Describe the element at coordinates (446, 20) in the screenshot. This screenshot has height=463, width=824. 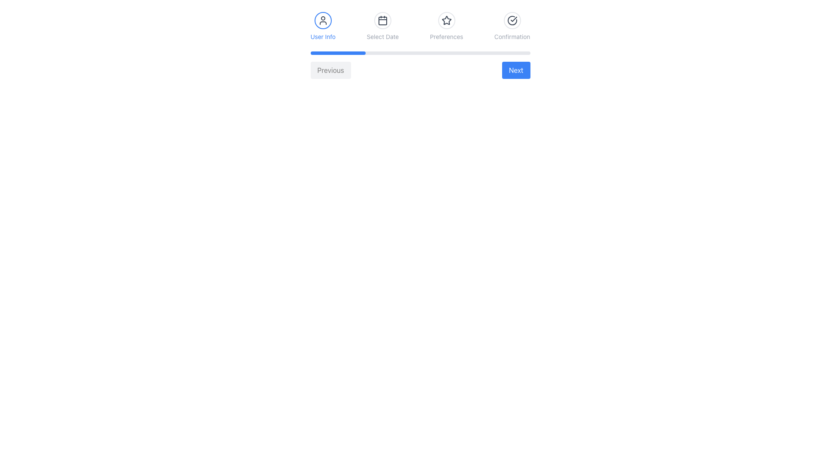
I see `the 'Preferences' button located centrally at the top of the interface, which is the third step in the navigation workflow between 'Select Date' and 'Confirmation'` at that location.